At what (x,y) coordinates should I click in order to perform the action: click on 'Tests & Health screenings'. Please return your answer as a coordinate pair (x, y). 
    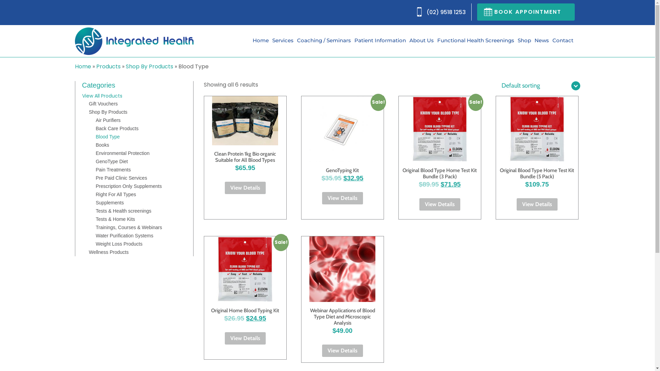
    Looking at the image, I should click on (123, 210).